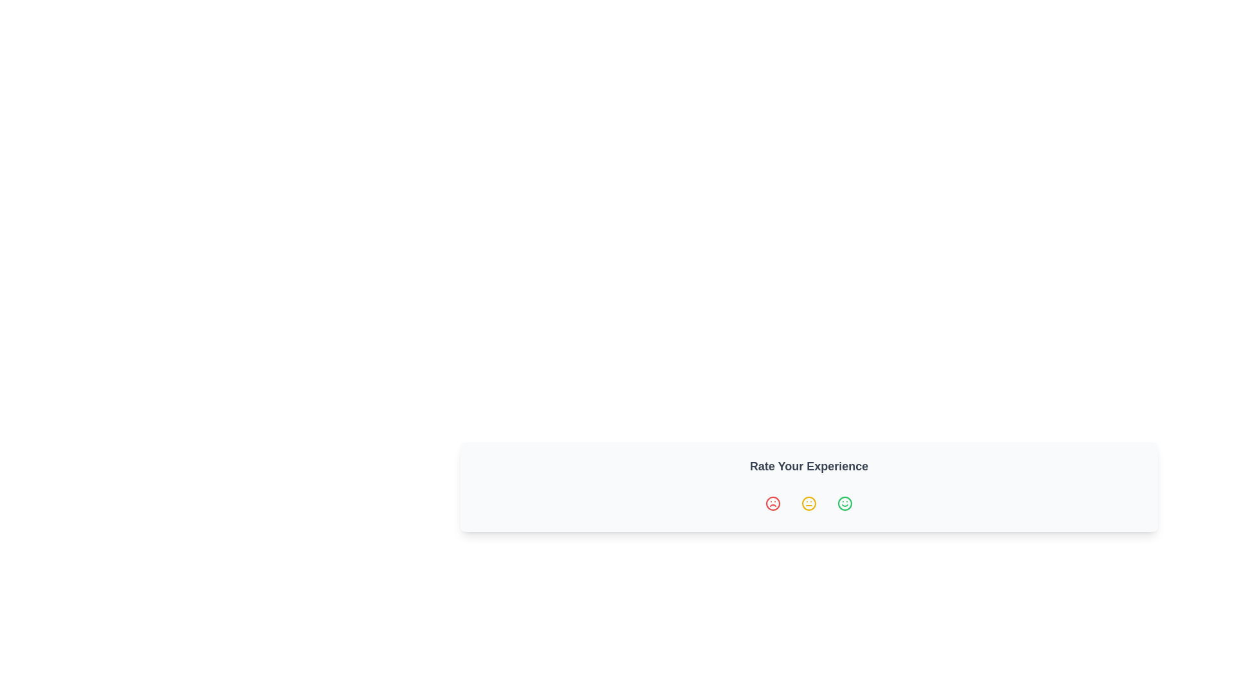 Image resolution: width=1233 pixels, height=693 pixels. I want to click on the 'Very Unsatisfied' icon button using keyboard navigation, so click(773, 503).